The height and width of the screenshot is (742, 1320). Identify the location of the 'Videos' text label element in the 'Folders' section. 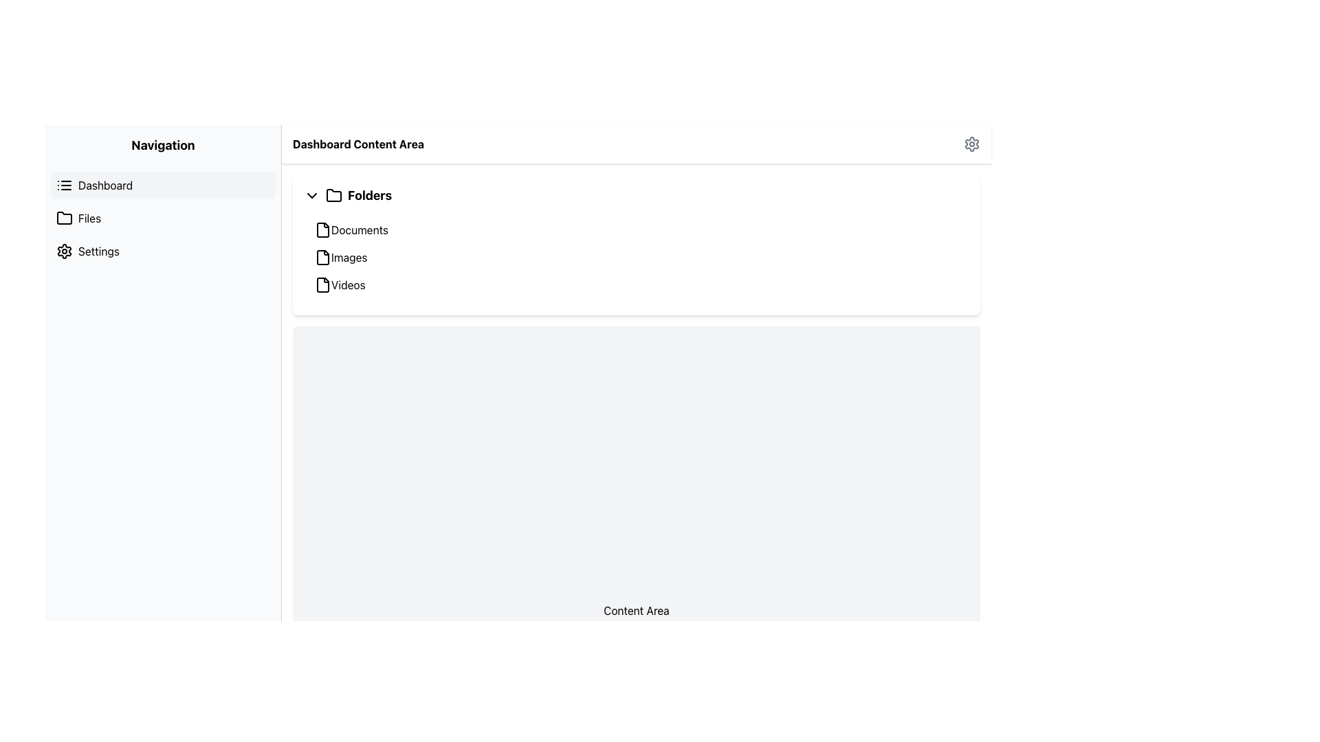
(348, 284).